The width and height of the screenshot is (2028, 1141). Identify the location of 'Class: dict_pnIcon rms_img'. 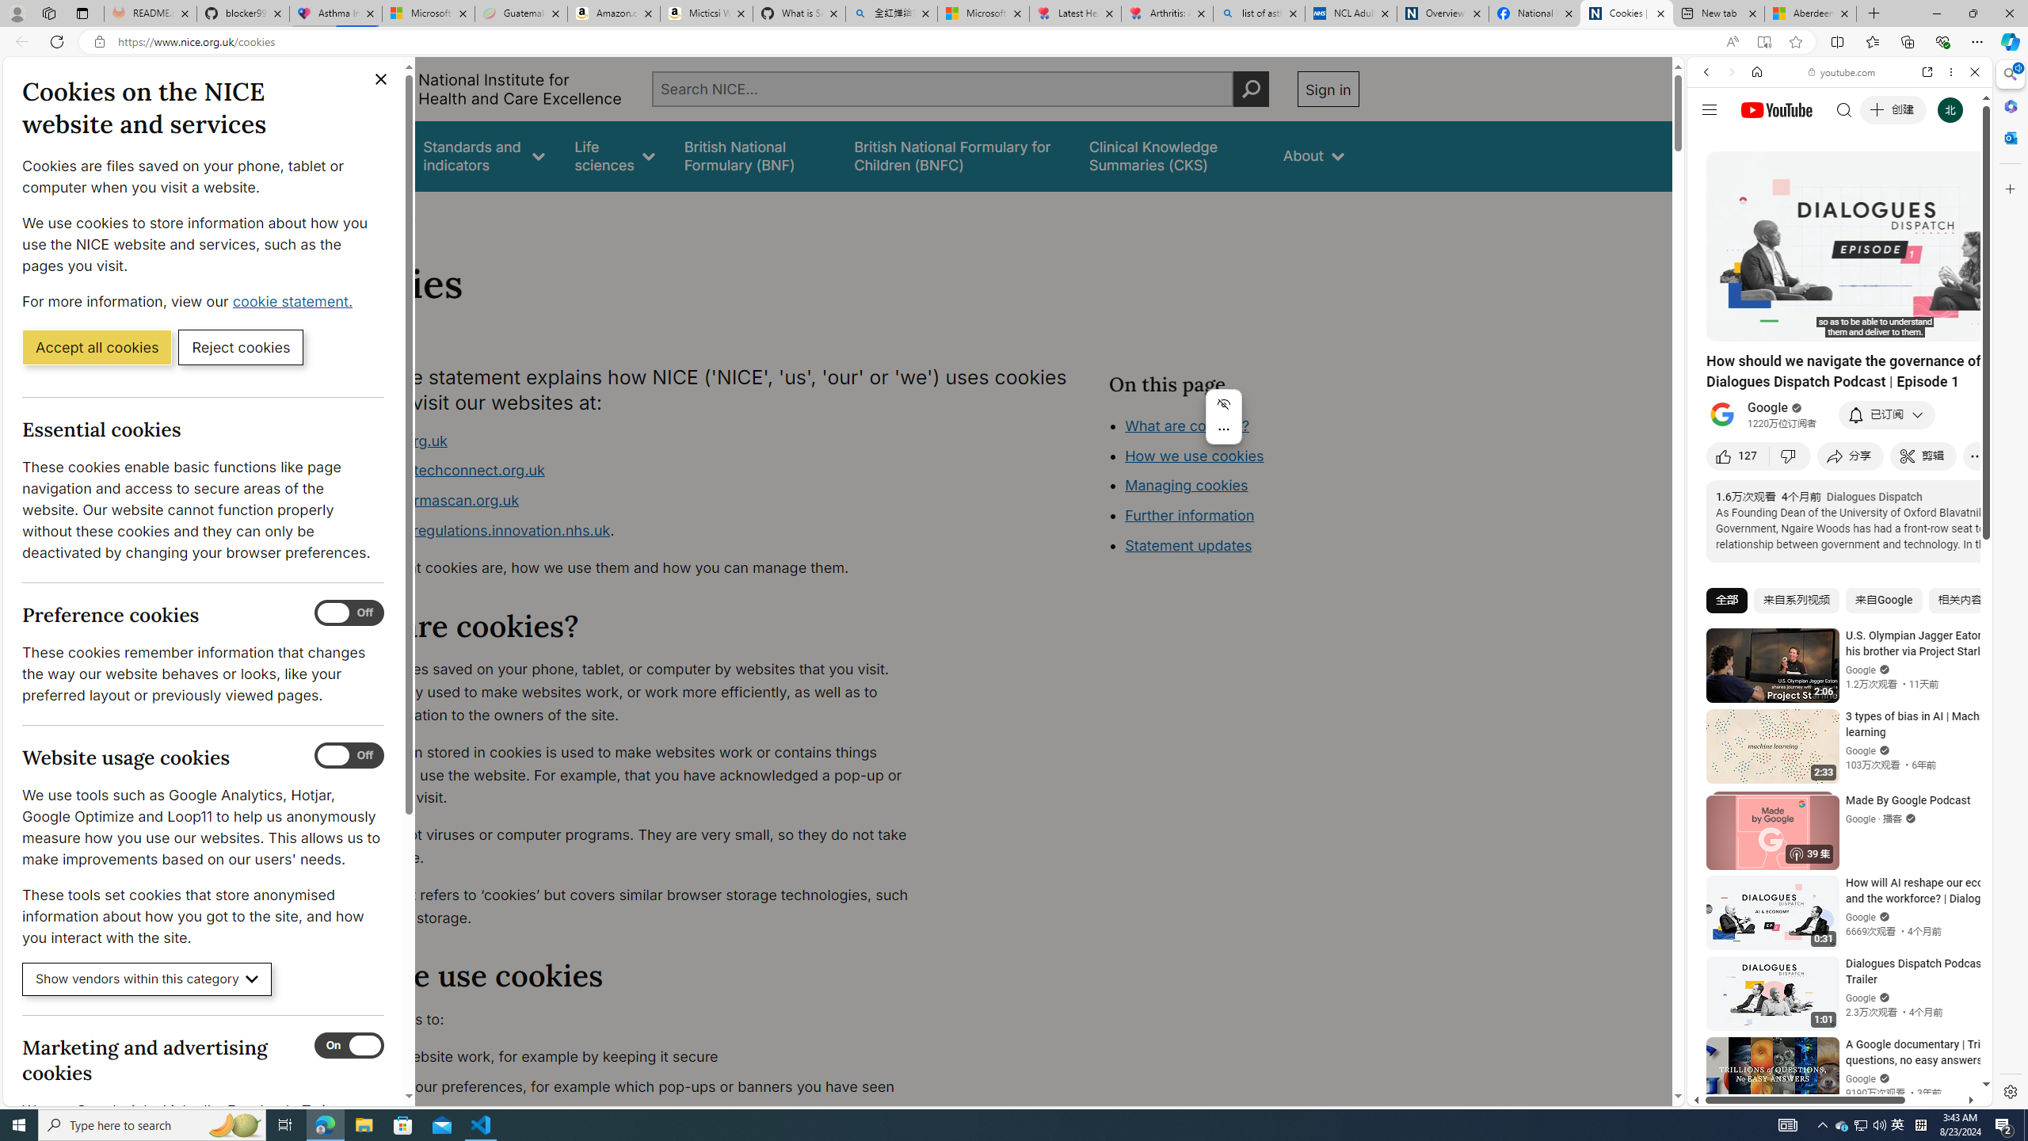
(1828, 1093).